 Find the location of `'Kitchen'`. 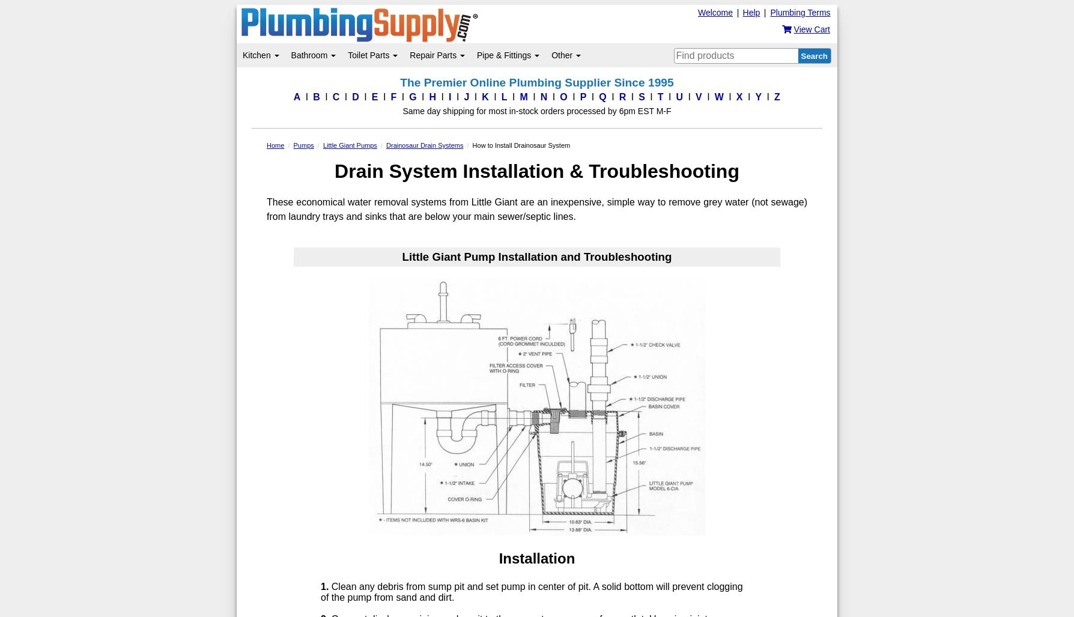

'Kitchen' is located at coordinates (242, 55).